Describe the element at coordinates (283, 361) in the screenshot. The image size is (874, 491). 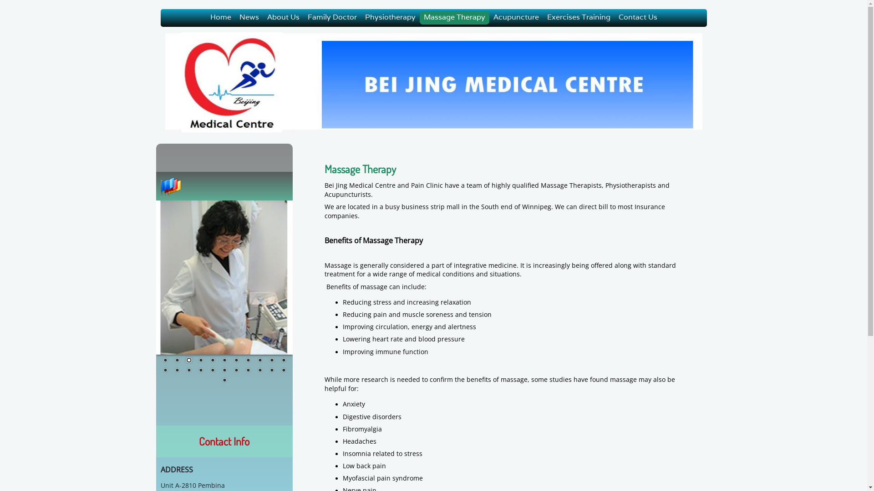
I see `'11'` at that location.